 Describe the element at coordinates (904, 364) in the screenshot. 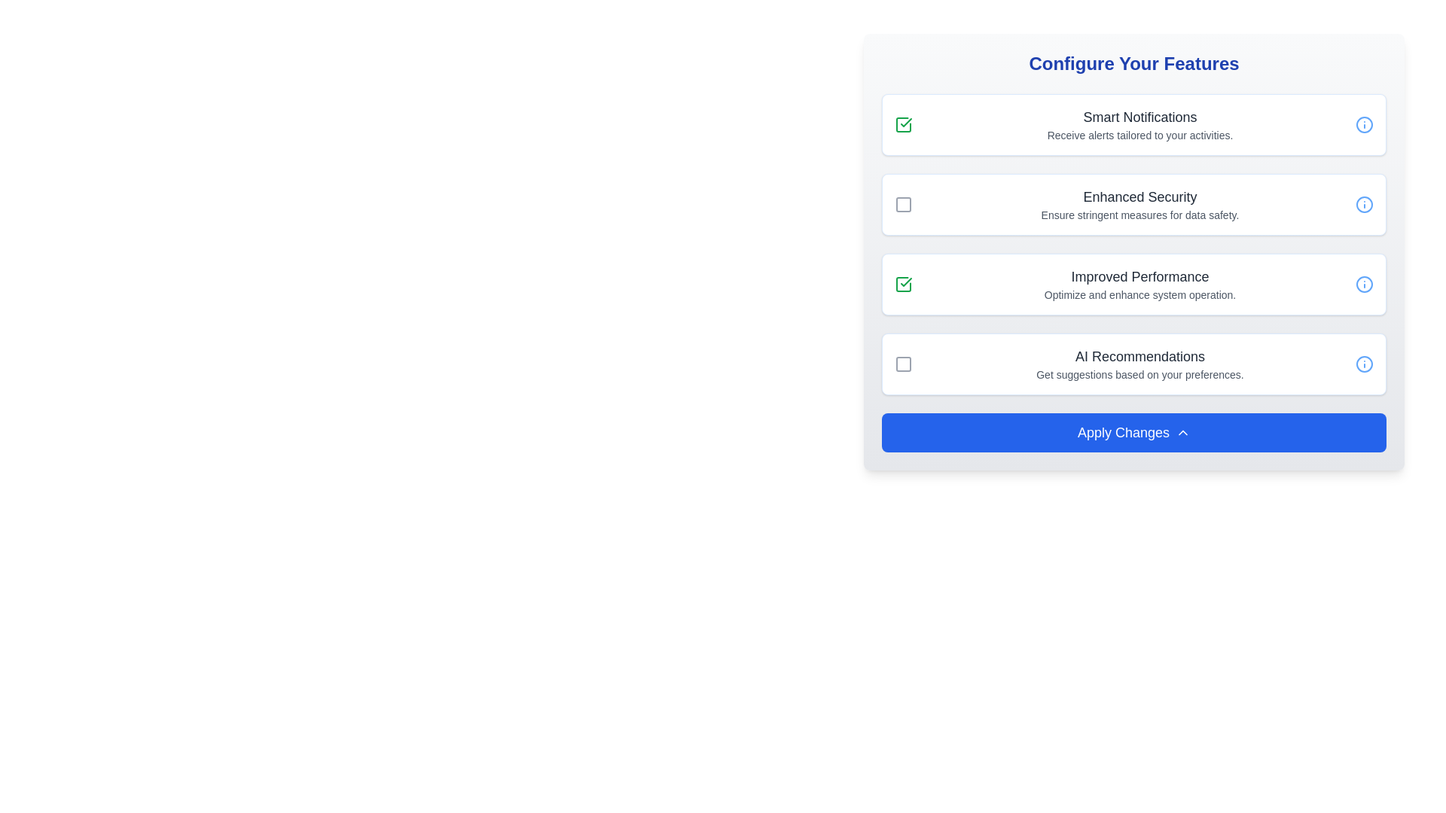

I see `the checkbox located on the left side of the 'AI Recommendations' configuration option` at that location.